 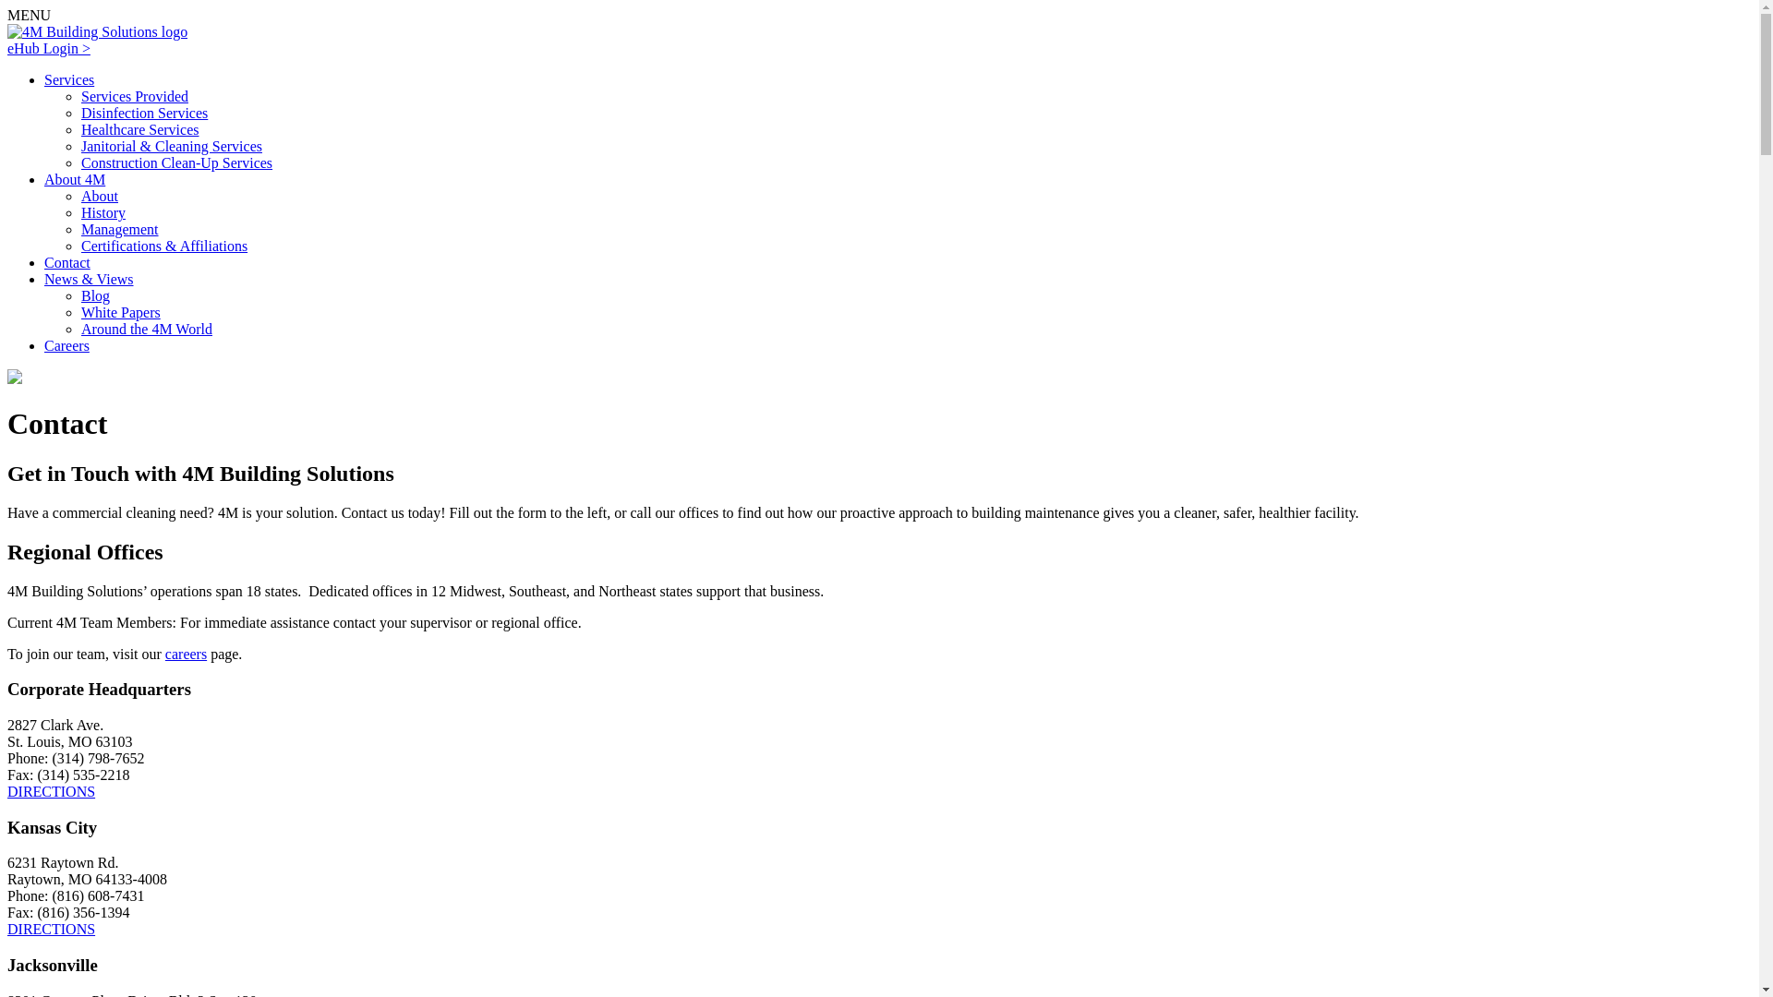 What do you see at coordinates (66, 262) in the screenshot?
I see `'Contact'` at bounding box center [66, 262].